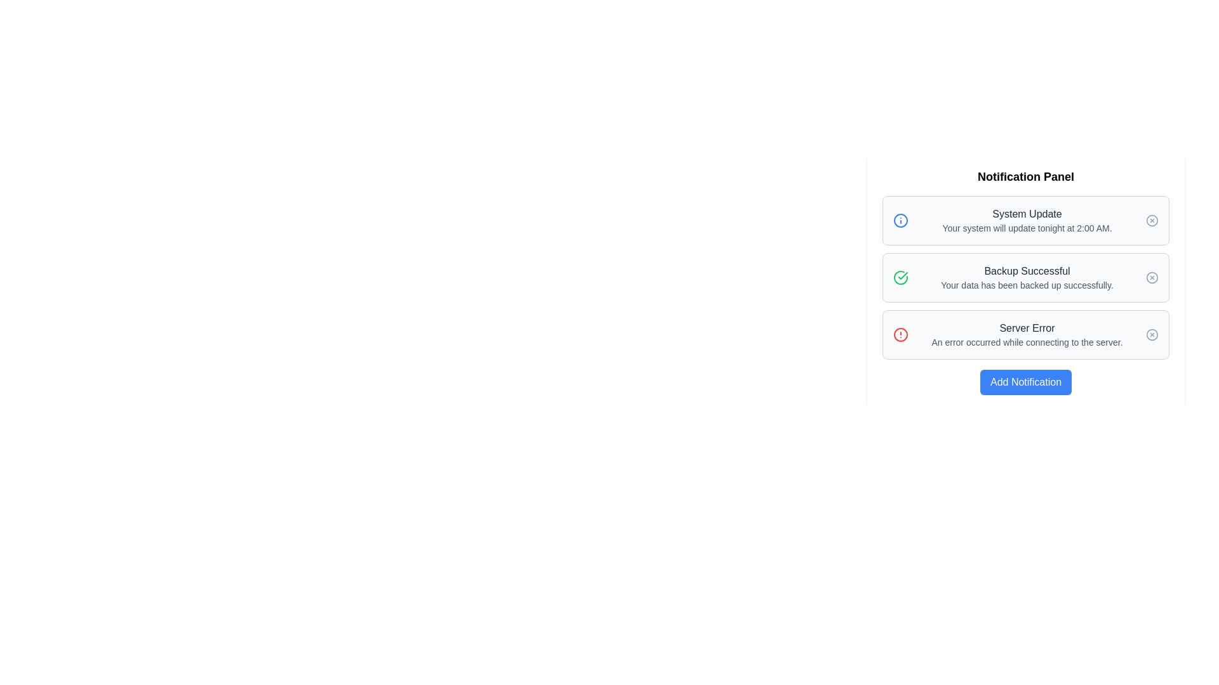 Image resolution: width=1219 pixels, height=685 pixels. Describe the element at coordinates (1152, 334) in the screenshot. I see `the circular boundary of the 'Server Error' icon located on the right side of the 'Server Error' notification card in the Notification Panel` at that location.